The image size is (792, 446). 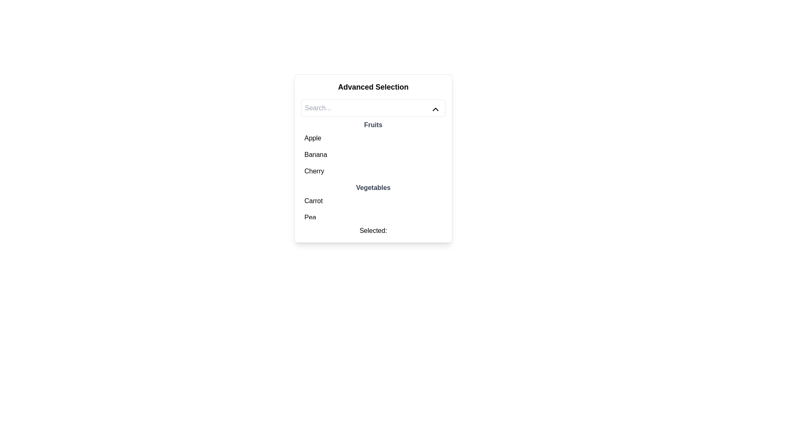 What do you see at coordinates (373, 217) in the screenshot?
I see `the second item in the 'Vegetables' selection list` at bounding box center [373, 217].